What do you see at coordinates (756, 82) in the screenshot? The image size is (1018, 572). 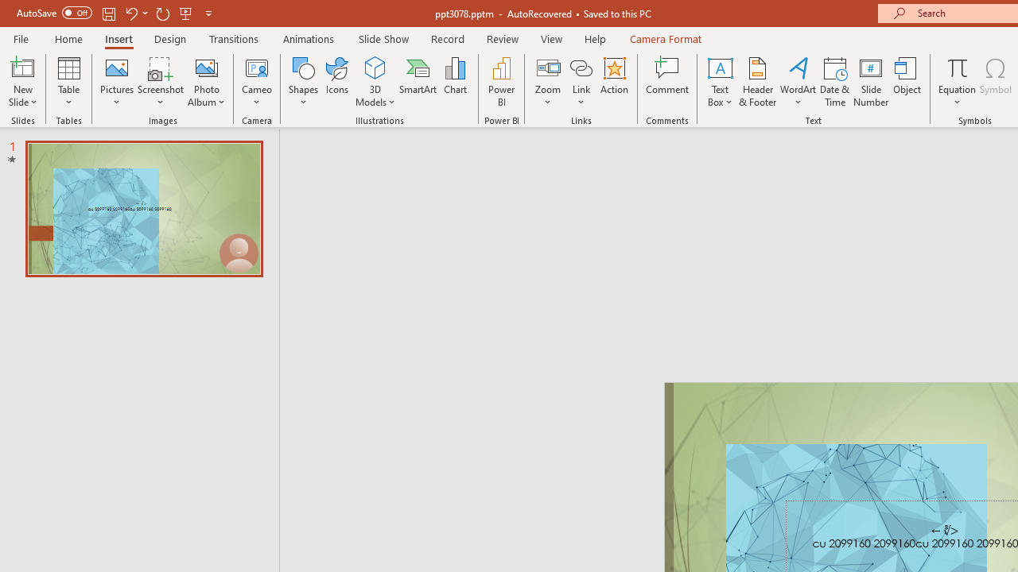 I see `'Header & Footer...'` at bounding box center [756, 82].